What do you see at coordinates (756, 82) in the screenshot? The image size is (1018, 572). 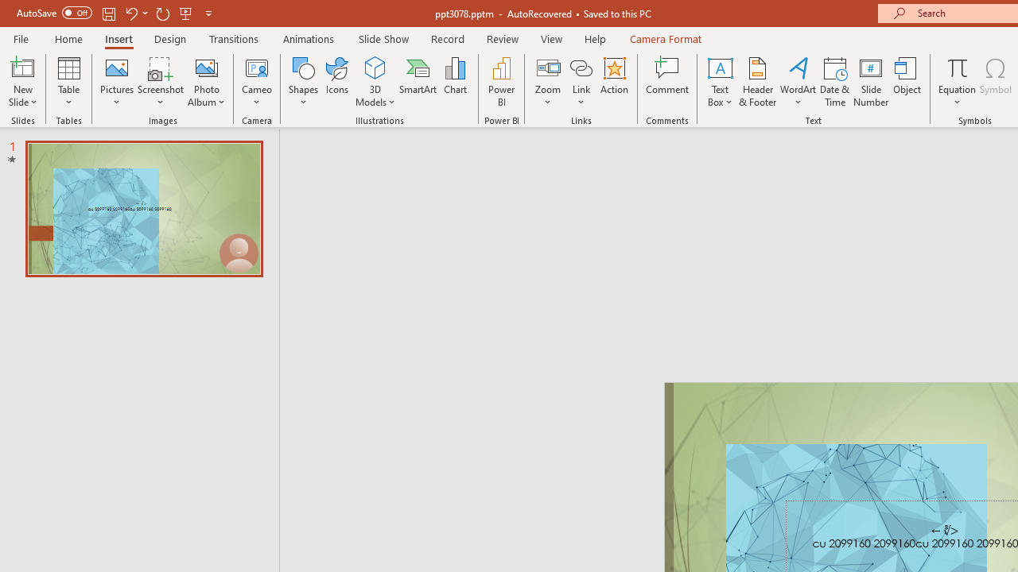 I see `'Header & Footer...'` at bounding box center [756, 82].